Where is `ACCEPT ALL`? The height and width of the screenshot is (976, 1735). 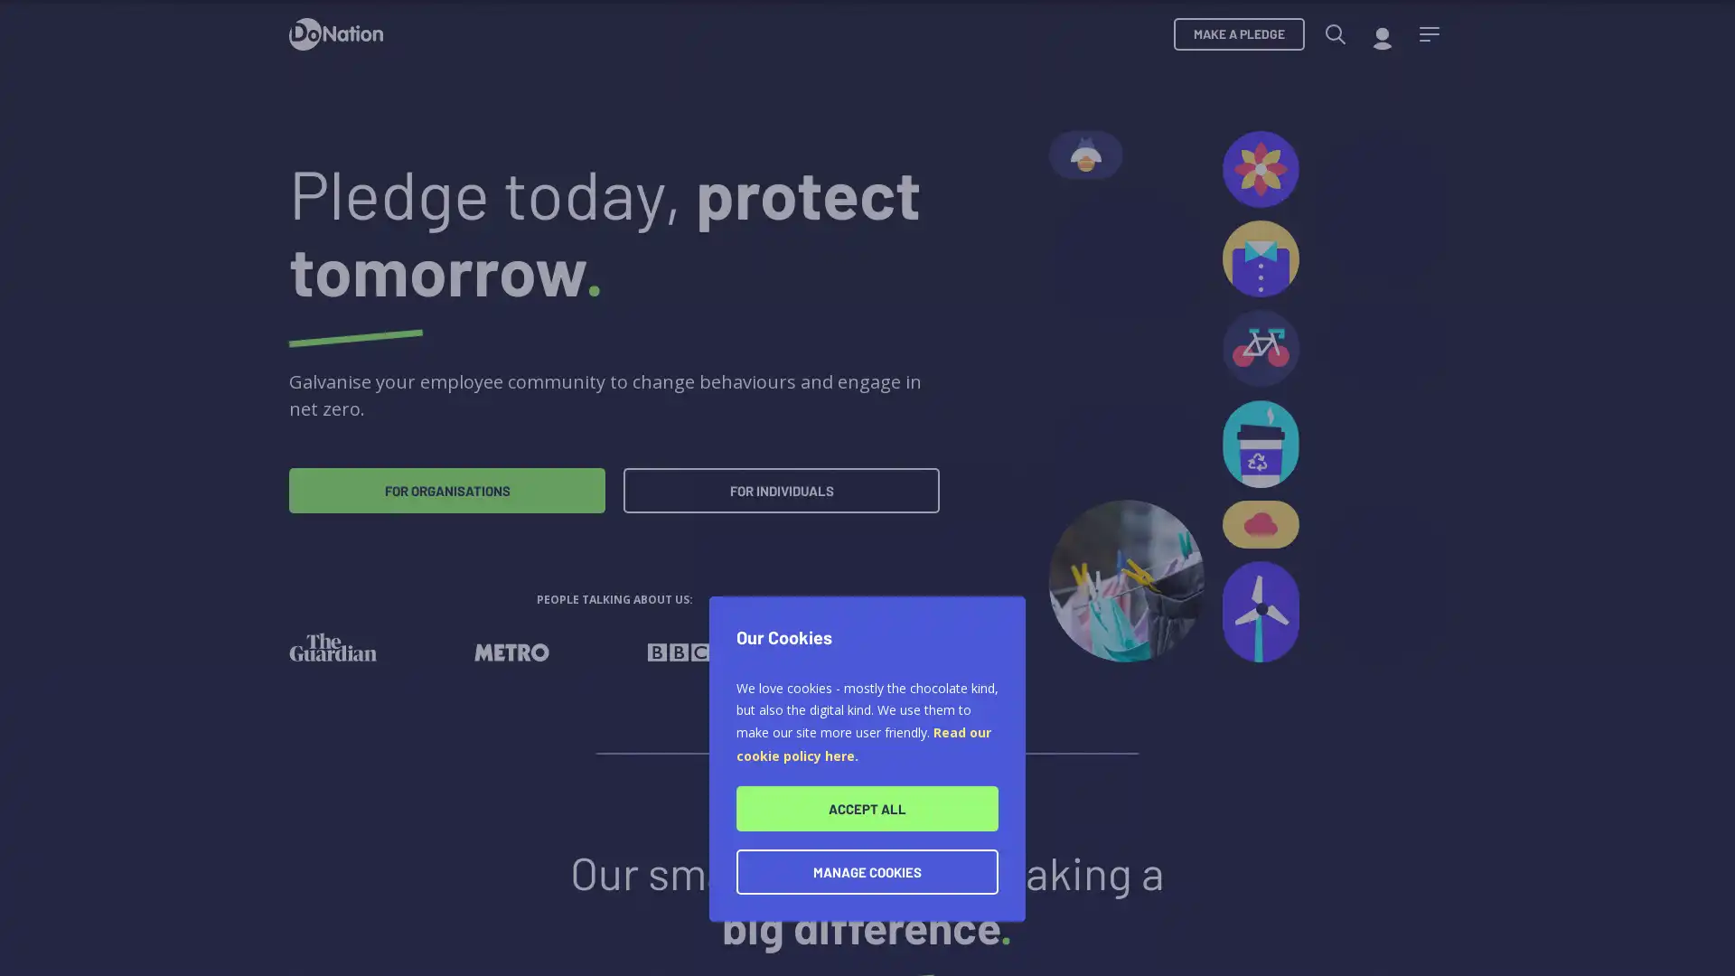 ACCEPT ALL is located at coordinates (867, 807).